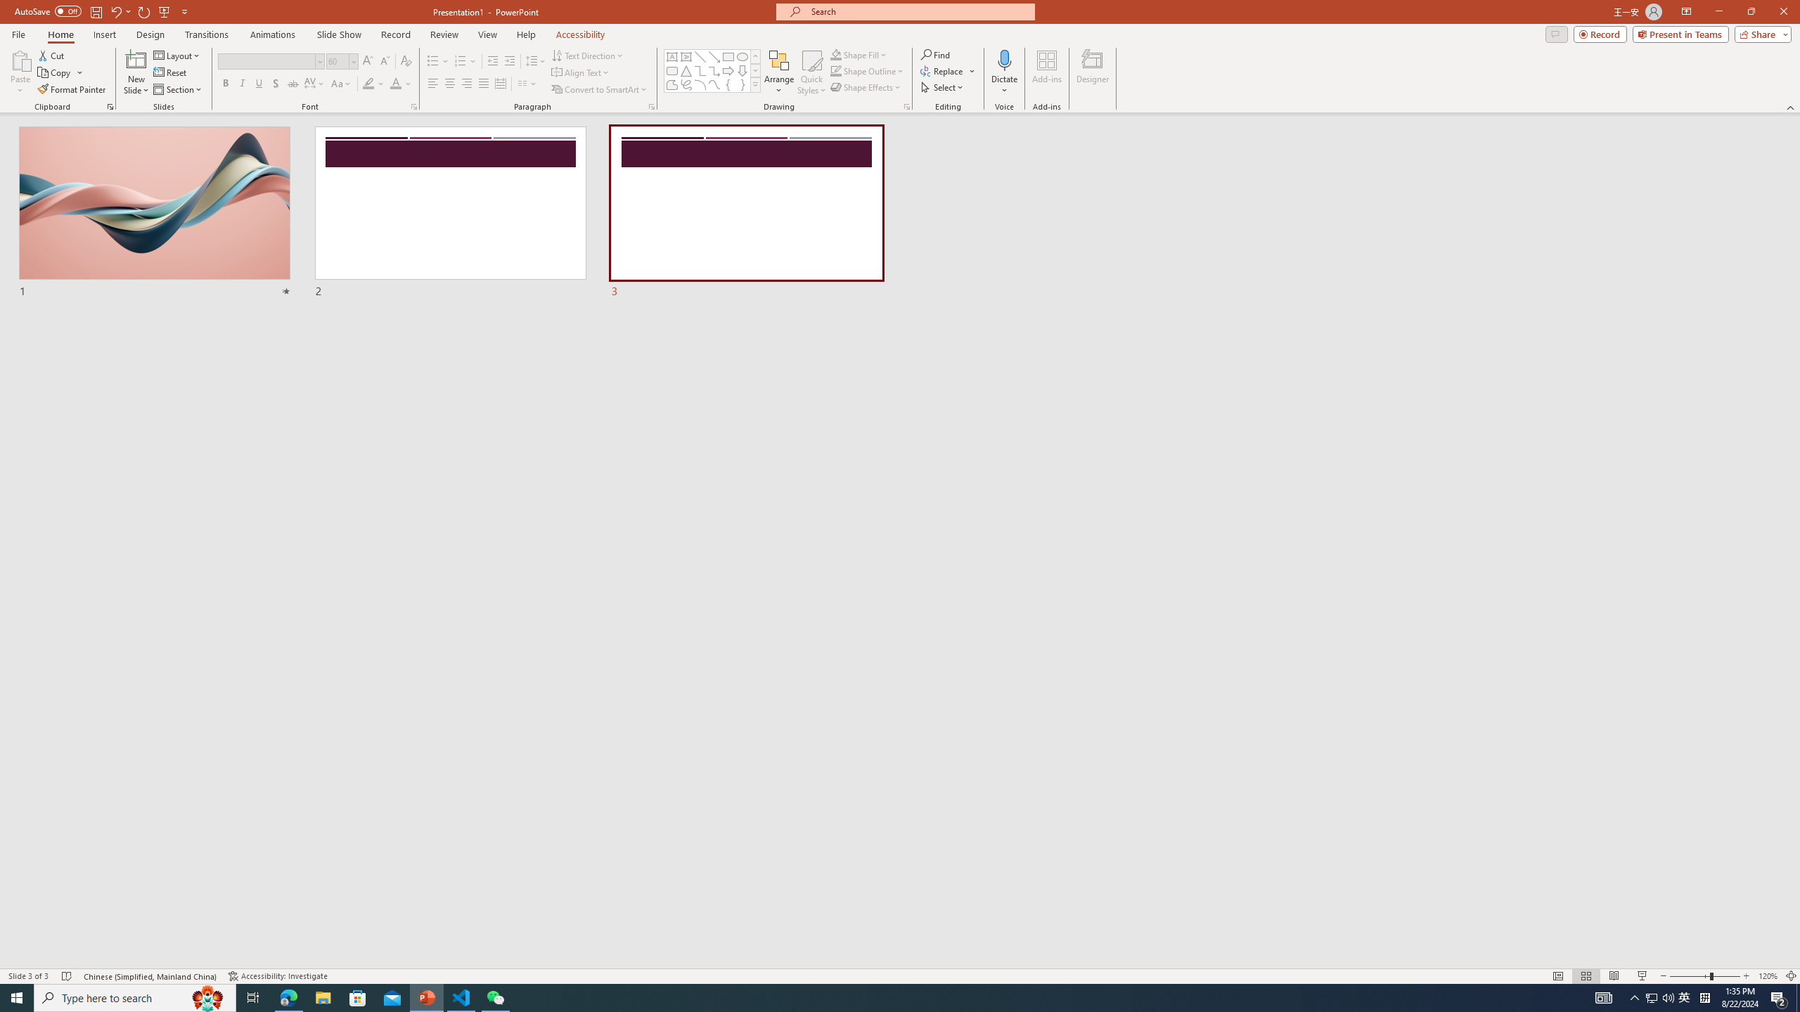 This screenshot has width=1800, height=1012. What do you see at coordinates (177, 55) in the screenshot?
I see `'Layout'` at bounding box center [177, 55].